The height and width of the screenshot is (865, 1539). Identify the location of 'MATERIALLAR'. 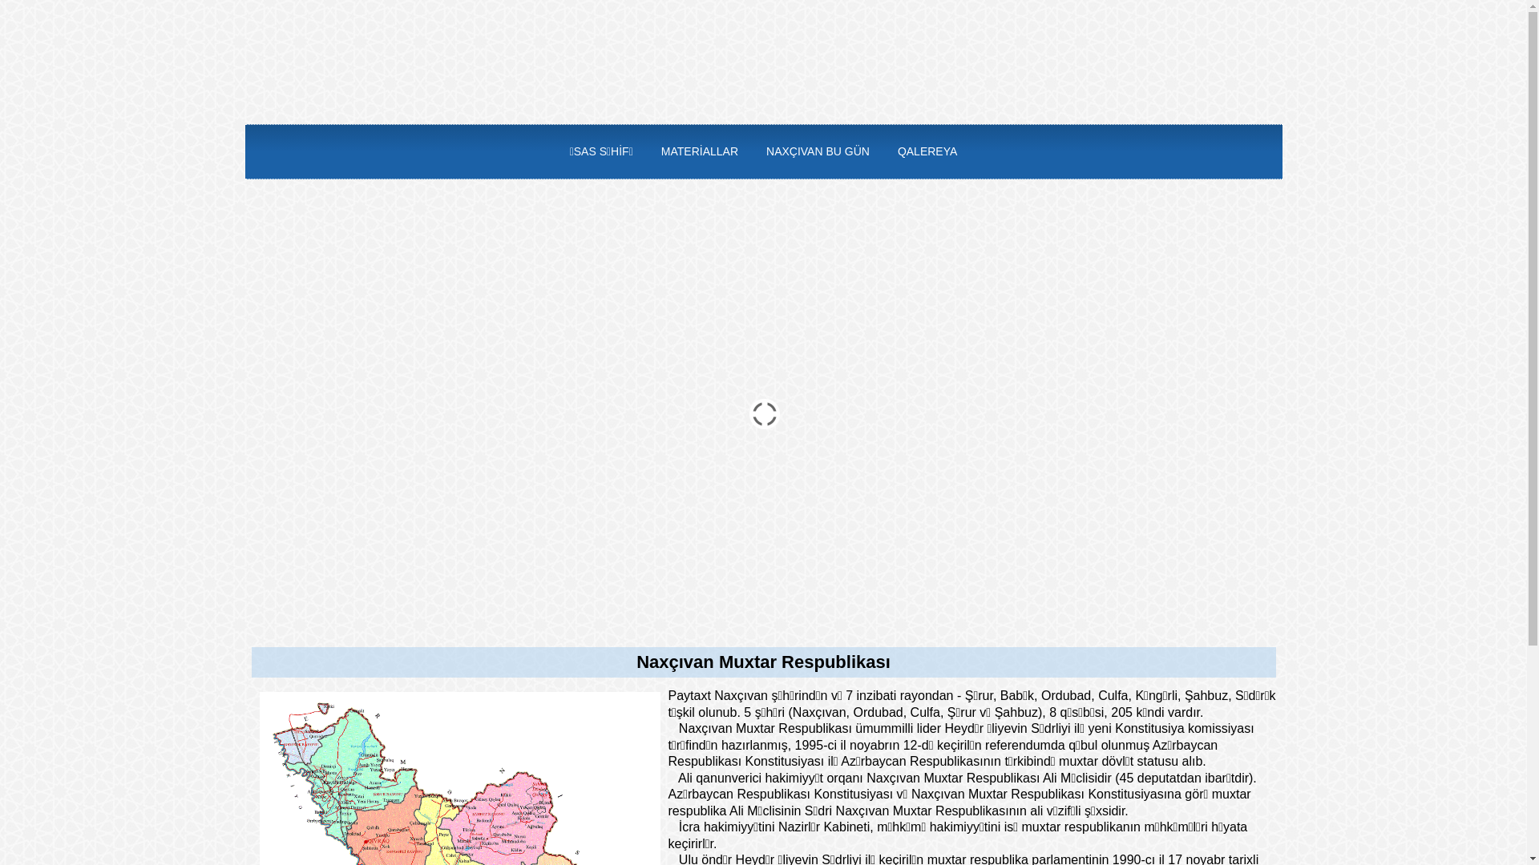
(647, 151).